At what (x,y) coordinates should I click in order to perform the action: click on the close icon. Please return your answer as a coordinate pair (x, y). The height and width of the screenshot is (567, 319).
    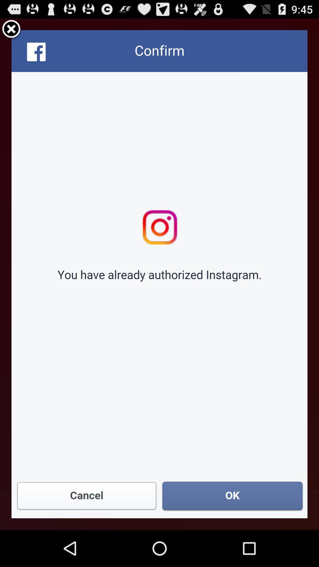
    Looking at the image, I should click on (11, 32).